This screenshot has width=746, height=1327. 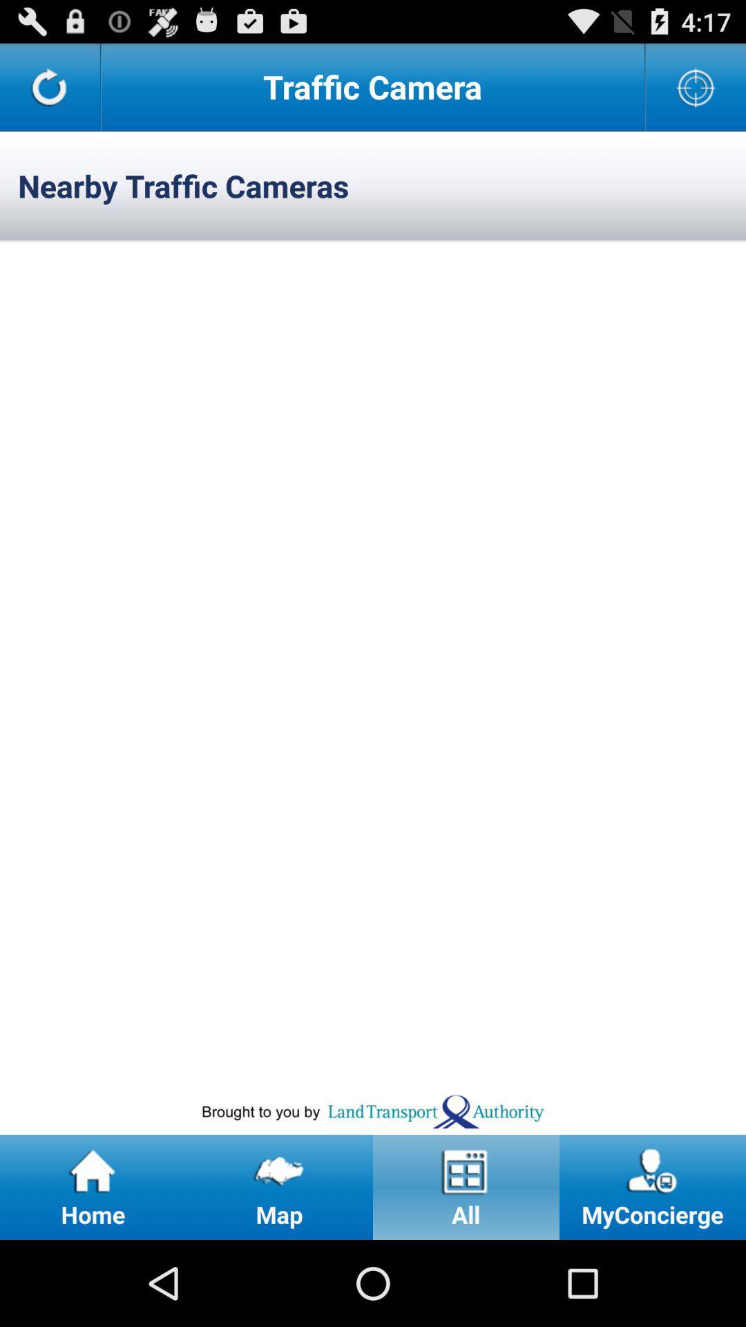 I want to click on refresh, so click(x=49, y=86).